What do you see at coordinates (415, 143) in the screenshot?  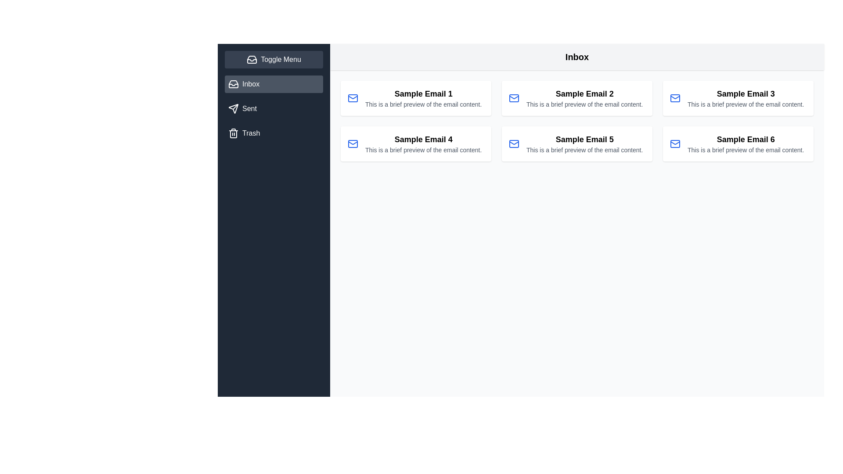 I see `the Email Preview Card located in the second row and first column of the email list grid` at bounding box center [415, 143].